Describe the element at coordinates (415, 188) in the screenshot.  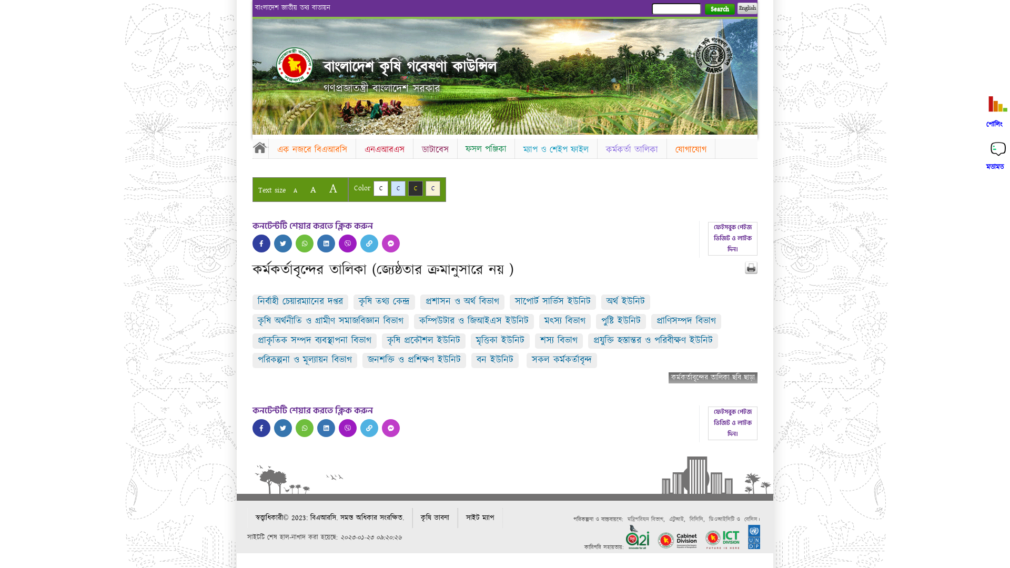
I see `'C'` at that location.